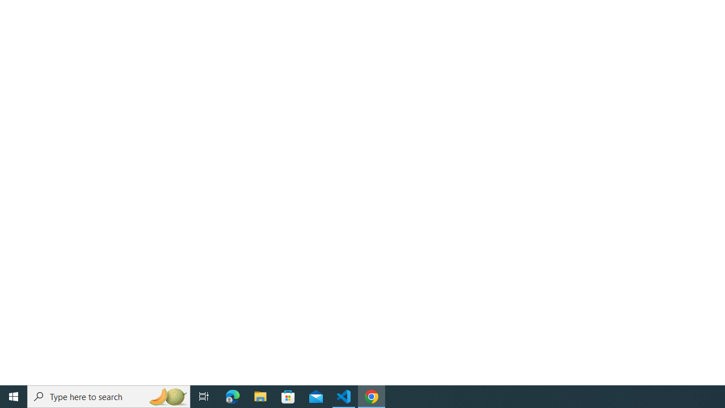  Describe the element at coordinates (232, 396) in the screenshot. I see `'Microsoft Edge'` at that location.